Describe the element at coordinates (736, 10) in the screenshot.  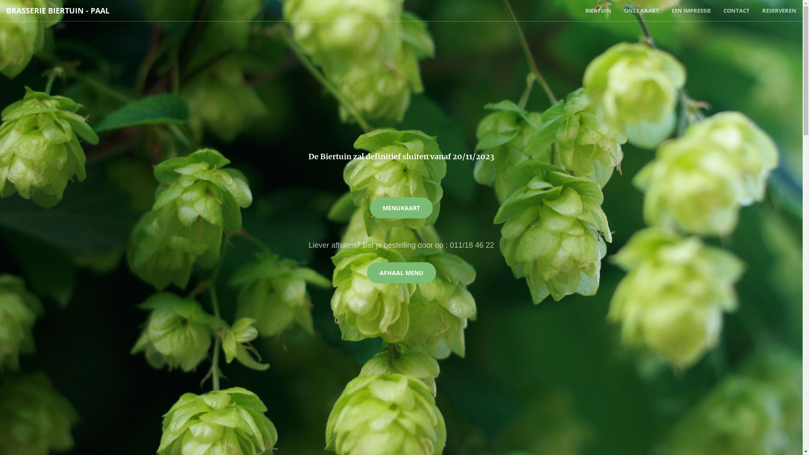
I see `'CONTACT'` at that location.